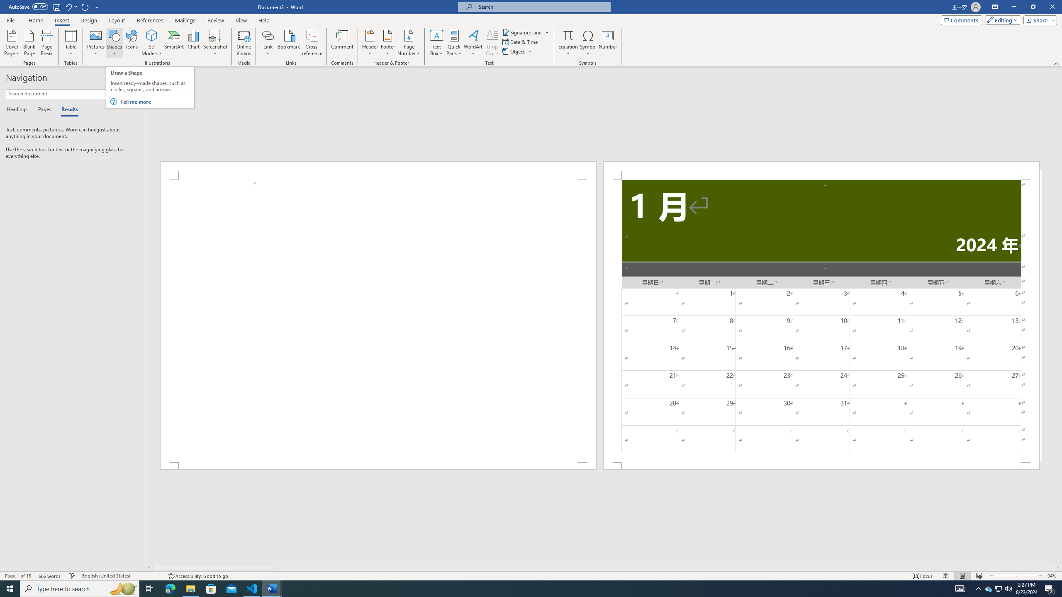 This screenshot has height=597, width=1062. Describe the element at coordinates (522, 32) in the screenshot. I see `'Signature Line'` at that location.